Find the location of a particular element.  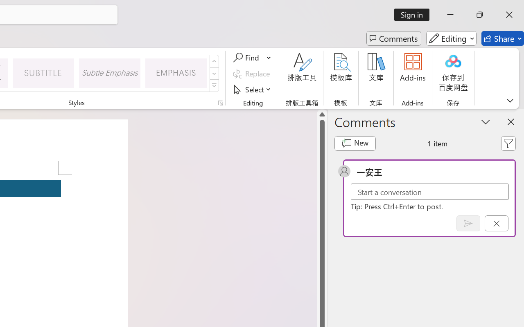

'Start a conversation' is located at coordinates (429, 192).